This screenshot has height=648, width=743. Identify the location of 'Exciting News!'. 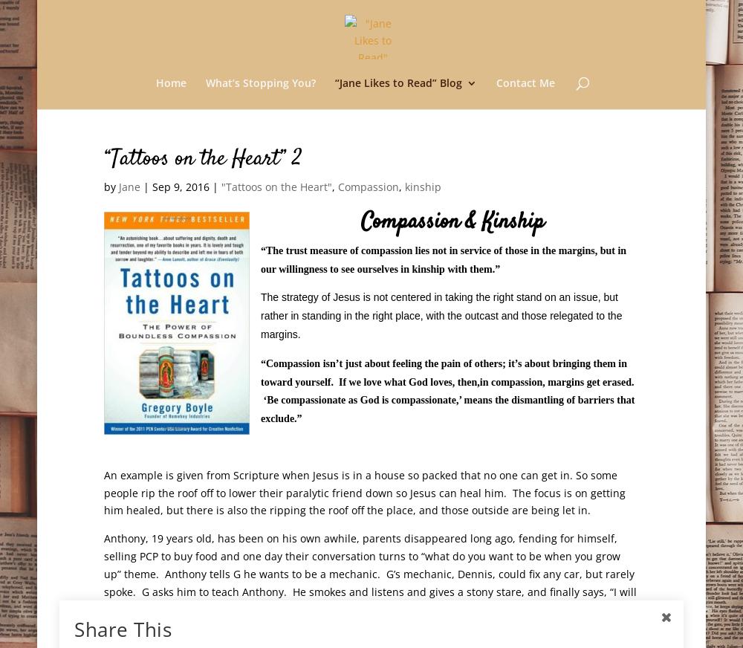
(363, 140).